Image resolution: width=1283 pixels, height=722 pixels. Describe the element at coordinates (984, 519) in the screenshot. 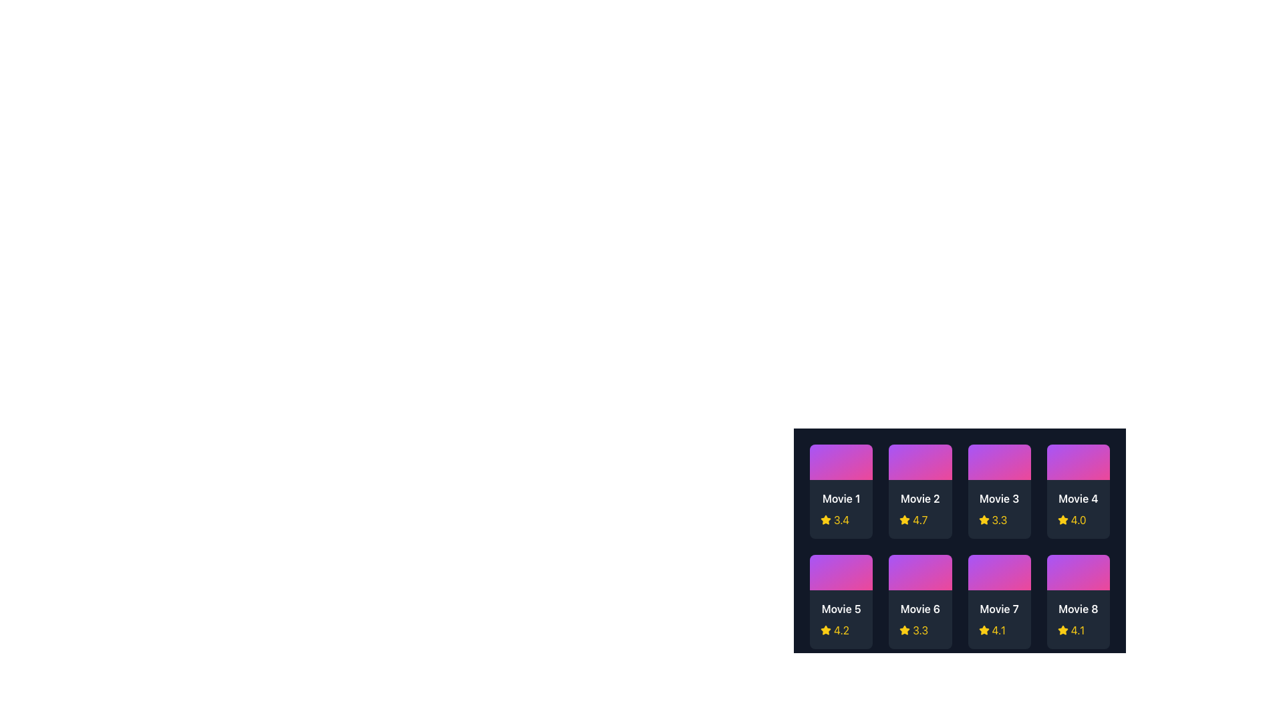

I see `the small yellow star icon representing the rating for 'Movie 3' in the grid layout` at that location.